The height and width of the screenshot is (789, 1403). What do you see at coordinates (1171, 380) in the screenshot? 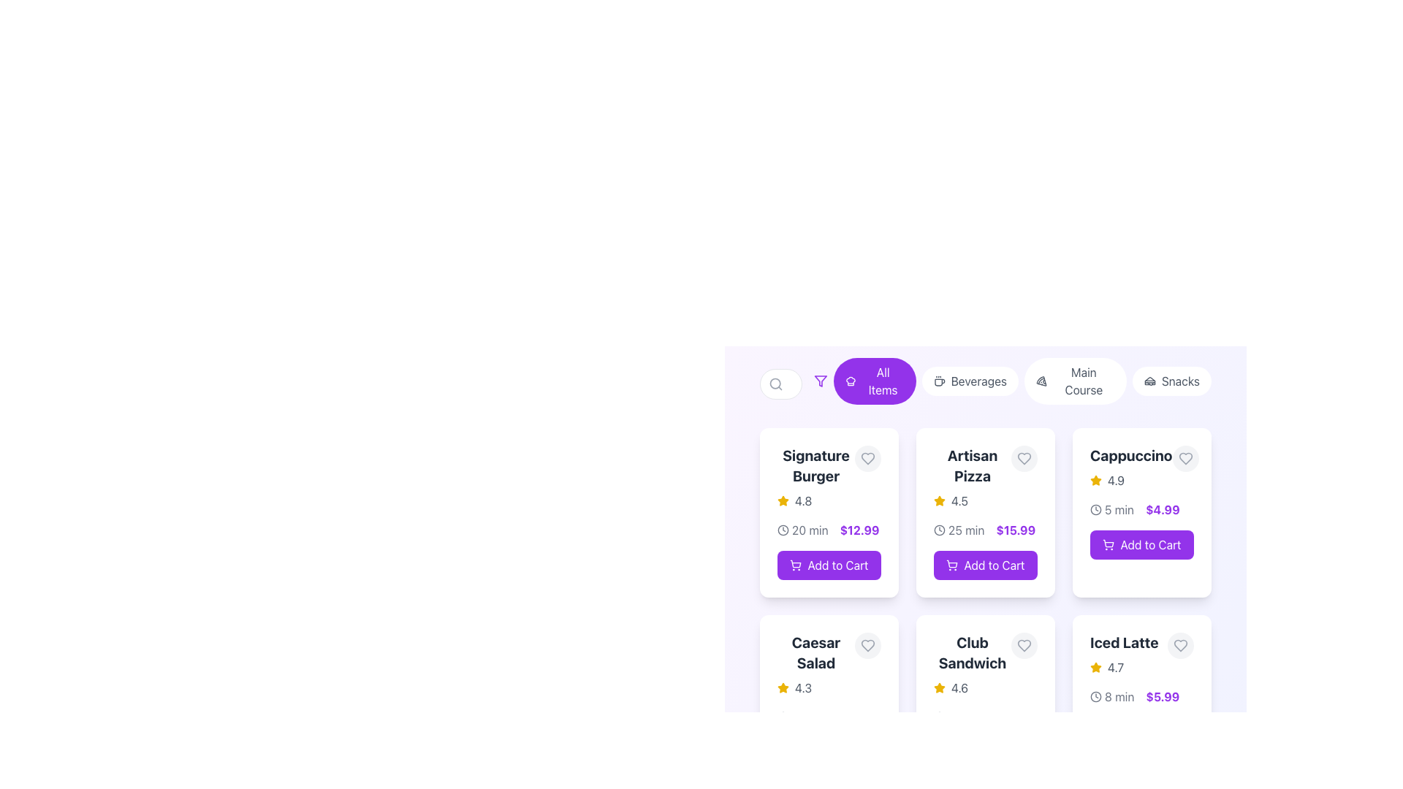
I see `the 'Snacks' category selection button located in the top-right corner of the navigation bar to trigger the hover effect` at bounding box center [1171, 380].